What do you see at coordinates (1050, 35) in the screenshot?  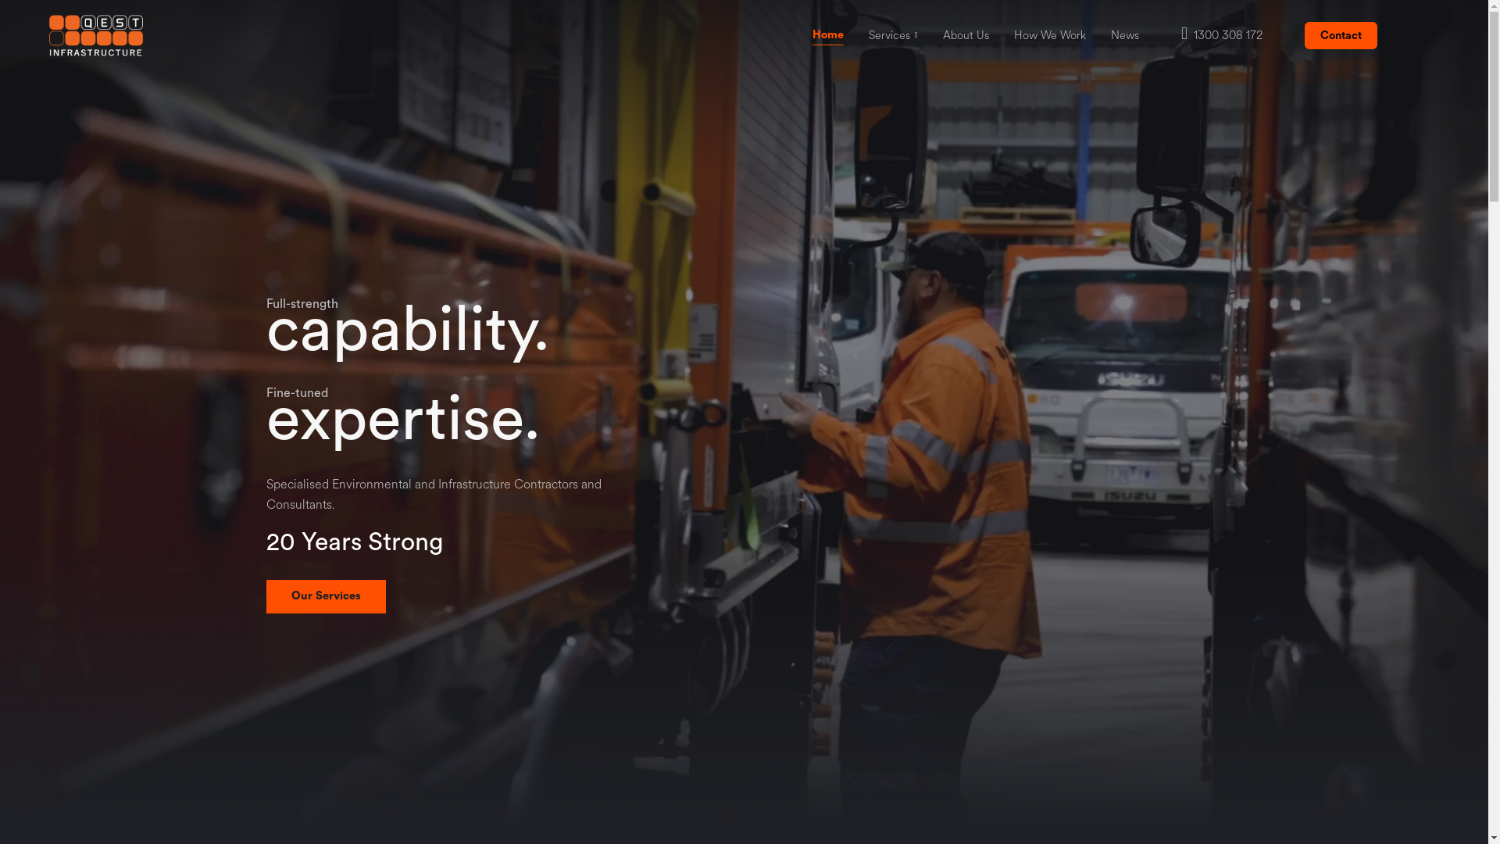 I see `'How We Work'` at bounding box center [1050, 35].